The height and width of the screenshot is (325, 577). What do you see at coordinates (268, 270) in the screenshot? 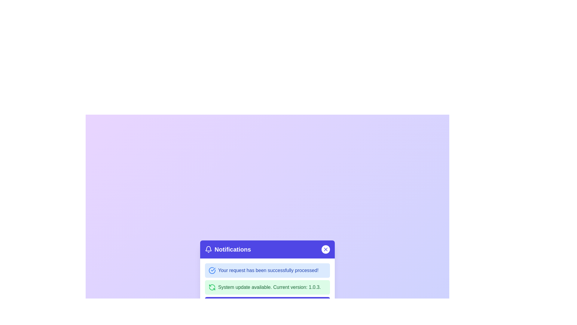
I see `the notification text that indicates a successful request completion, located at the top of the notification panel` at bounding box center [268, 270].